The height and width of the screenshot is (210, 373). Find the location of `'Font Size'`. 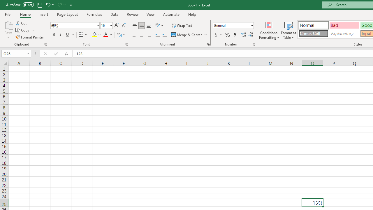

'Font Size' is located at coordinates (105, 25).